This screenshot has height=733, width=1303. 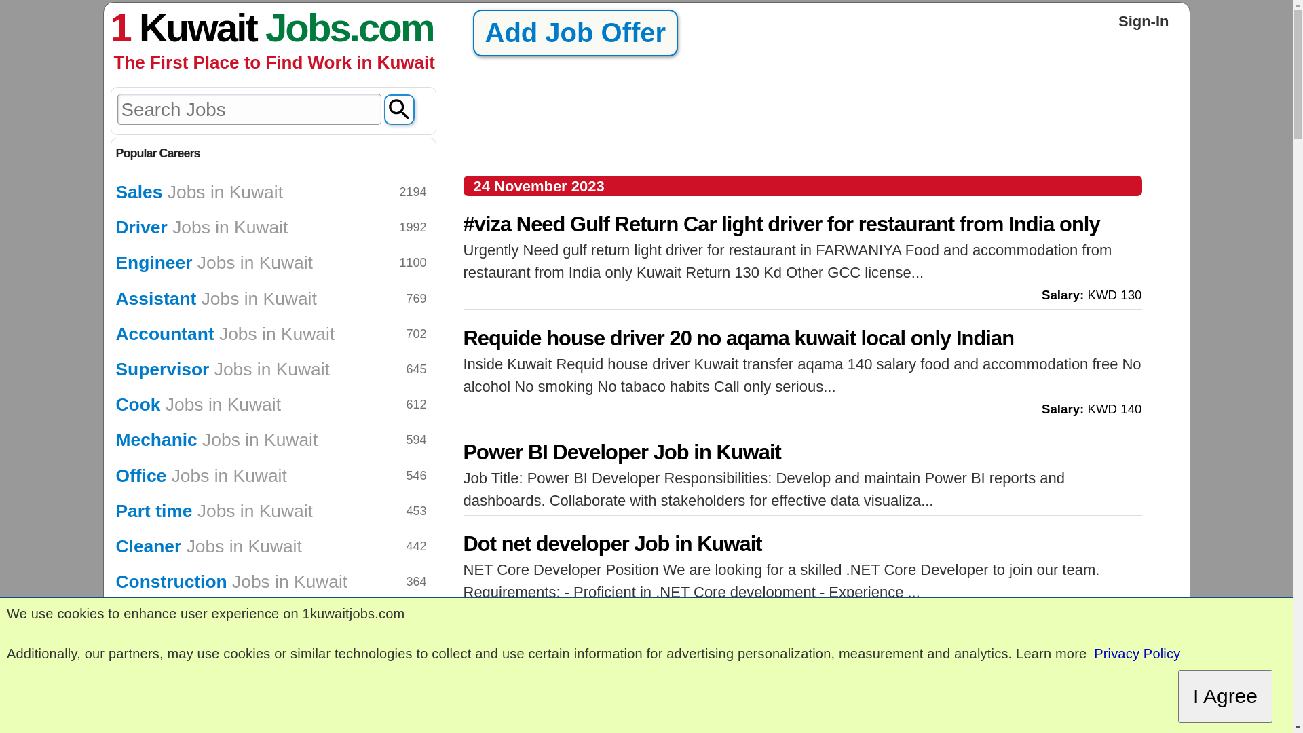 I want to click on 'Add Job Offer', so click(x=575, y=32).